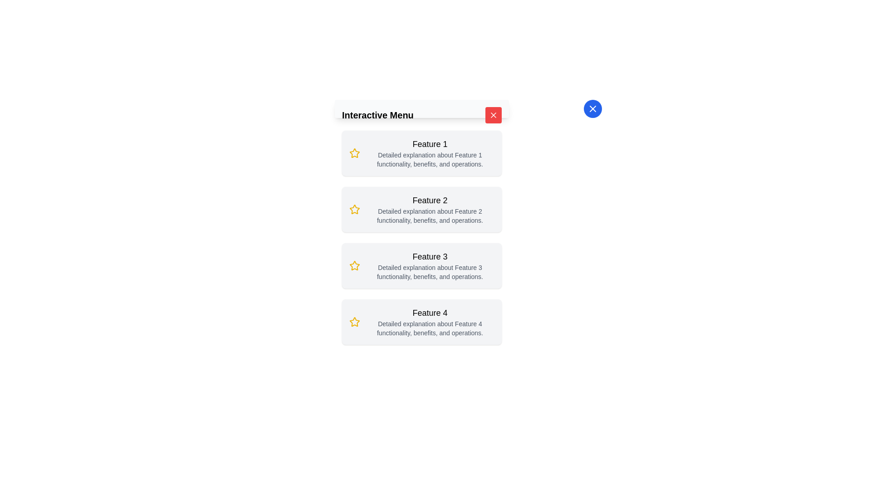 This screenshot has height=490, width=871. I want to click on the text label that provides additional details and context about Feature 2, located directly below the 'Feature 2' title, so click(430, 216).